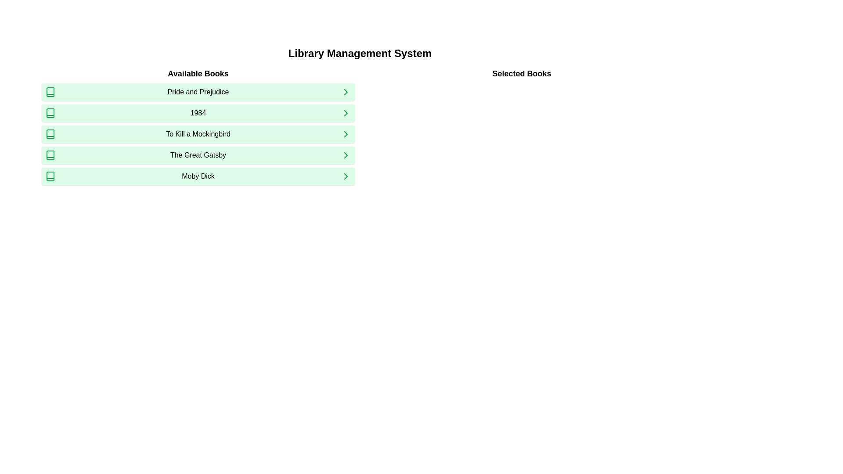 The image size is (843, 474). Describe the element at coordinates (198, 126) in the screenshot. I see `the Text header that serves as a descriptive label for the list of books in the Library Management System` at that location.